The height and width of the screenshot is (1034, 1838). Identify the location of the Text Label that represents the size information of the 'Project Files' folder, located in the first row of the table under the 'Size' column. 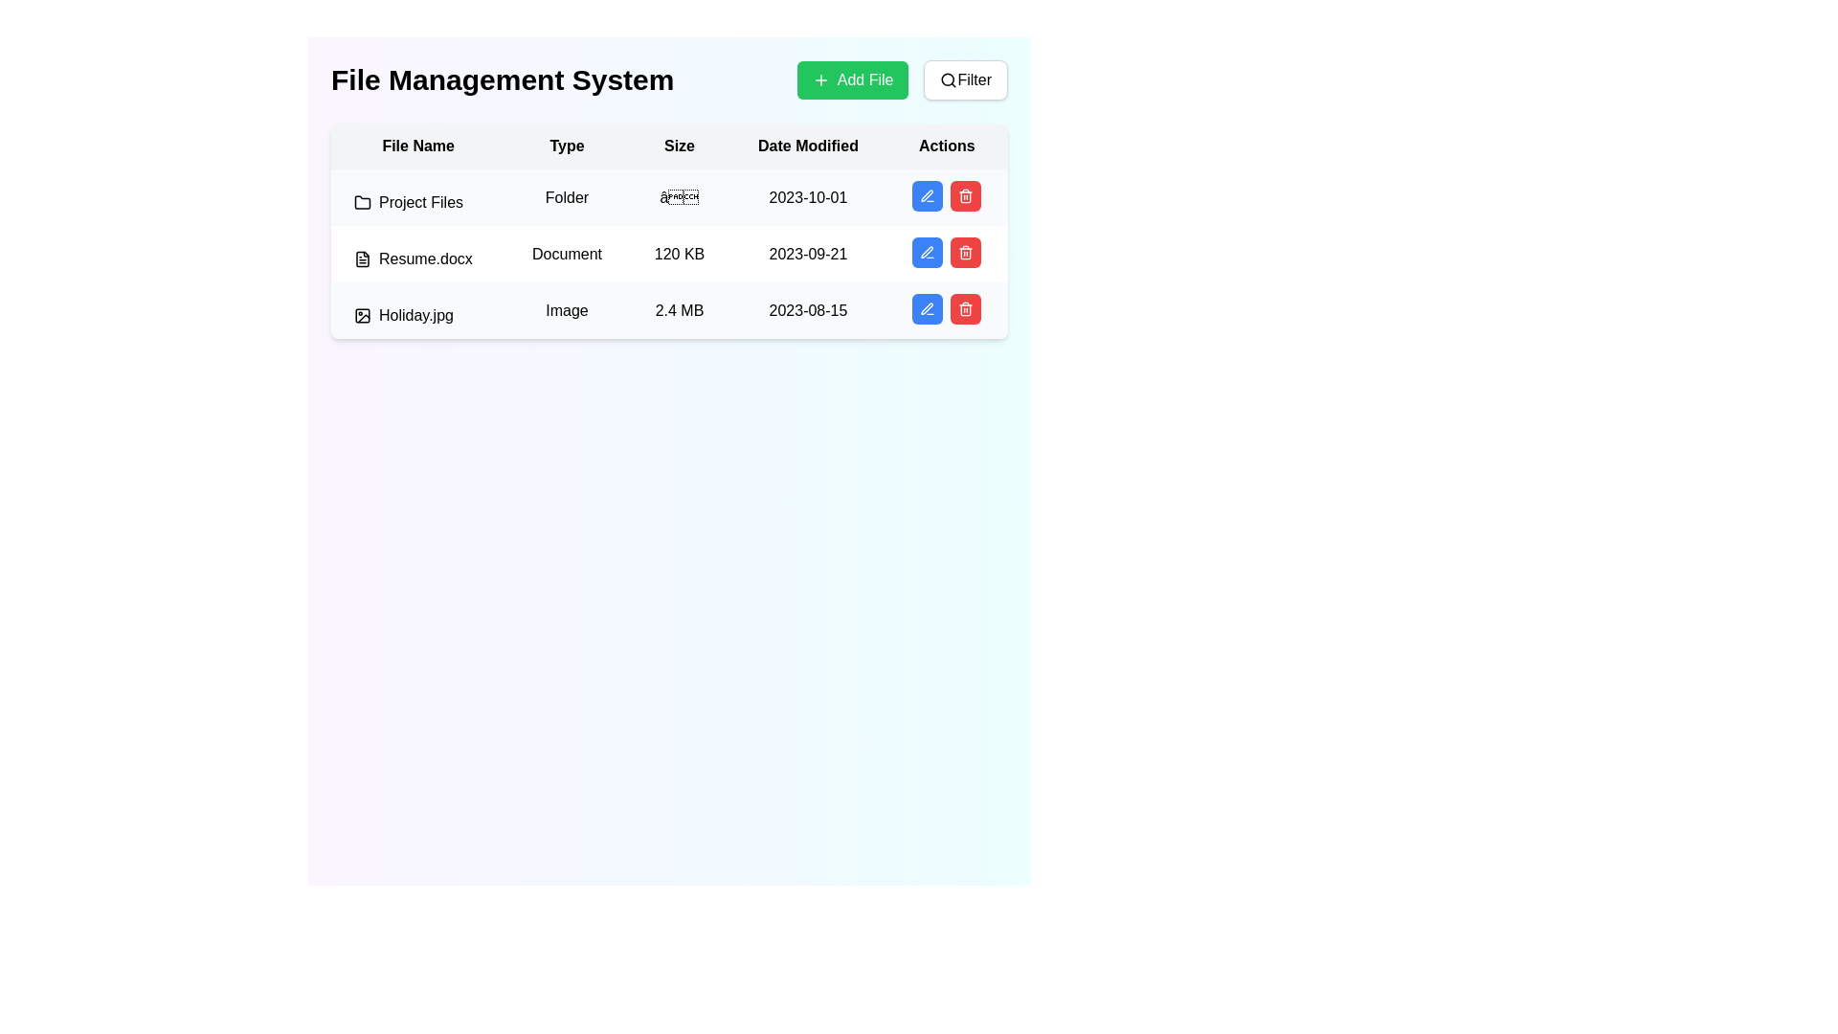
(669, 197).